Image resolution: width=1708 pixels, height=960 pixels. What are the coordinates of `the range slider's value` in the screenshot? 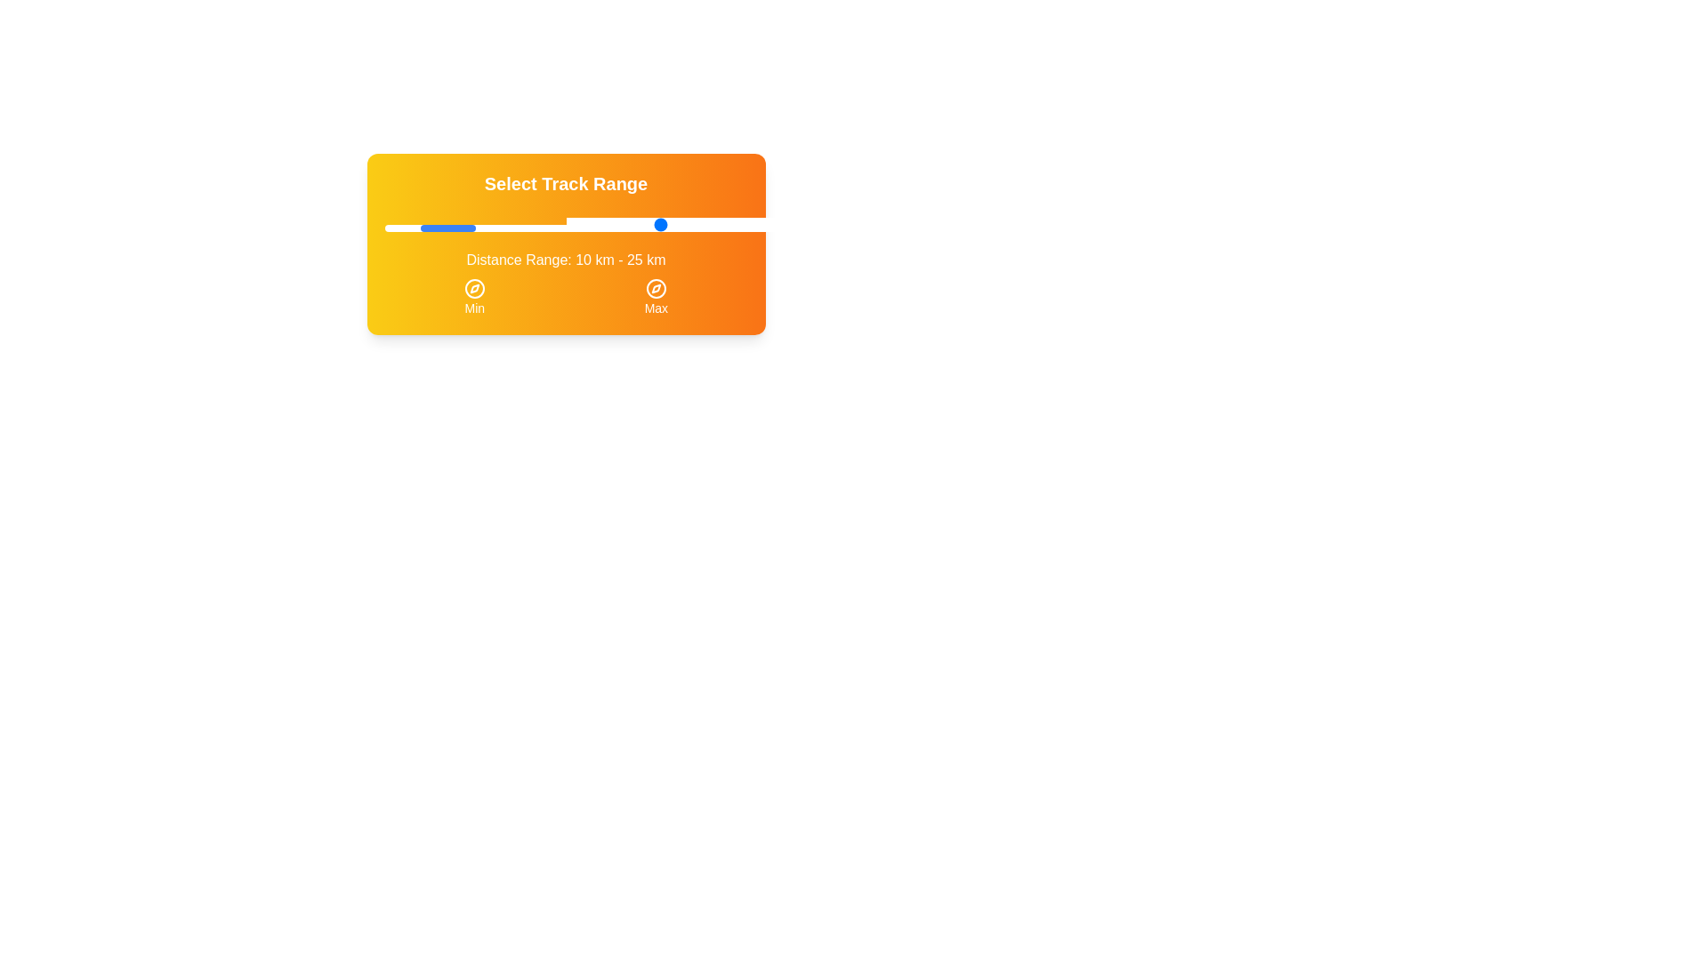 It's located at (584, 228).